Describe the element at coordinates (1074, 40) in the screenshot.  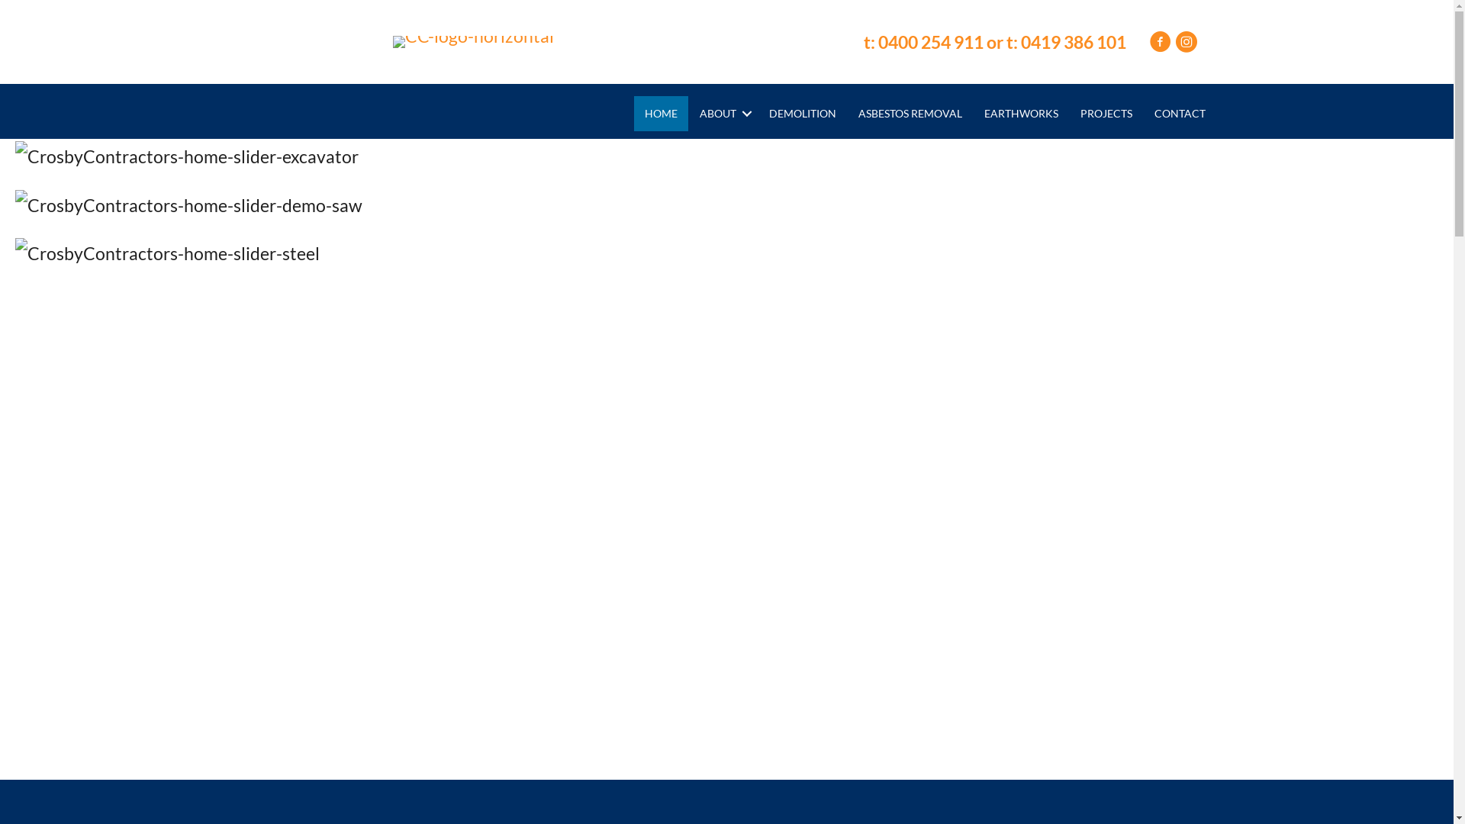
I see `'0419 386 101 '` at that location.